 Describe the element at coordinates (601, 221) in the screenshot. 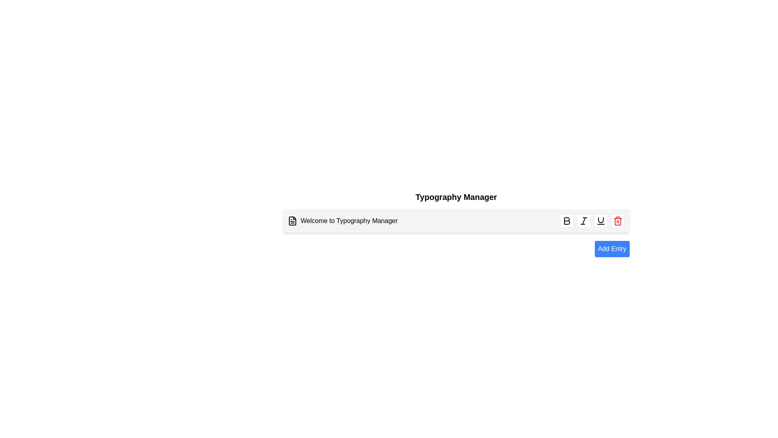

I see `the fourth icon from the left in the toolbar` at that location.